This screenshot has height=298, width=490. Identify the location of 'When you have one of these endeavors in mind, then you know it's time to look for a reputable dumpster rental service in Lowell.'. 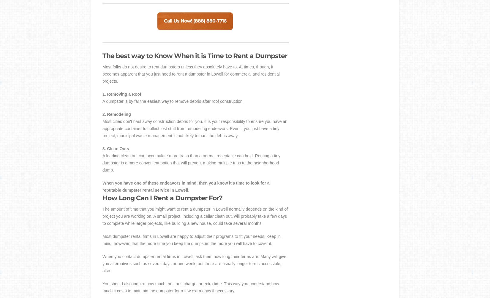
(186, 186).